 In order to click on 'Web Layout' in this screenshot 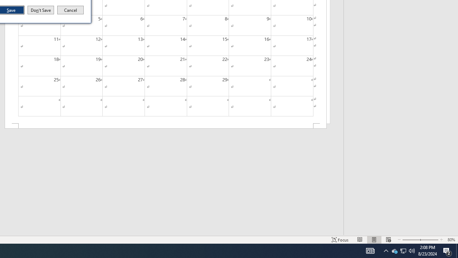, I will do `click(388, 240)`.